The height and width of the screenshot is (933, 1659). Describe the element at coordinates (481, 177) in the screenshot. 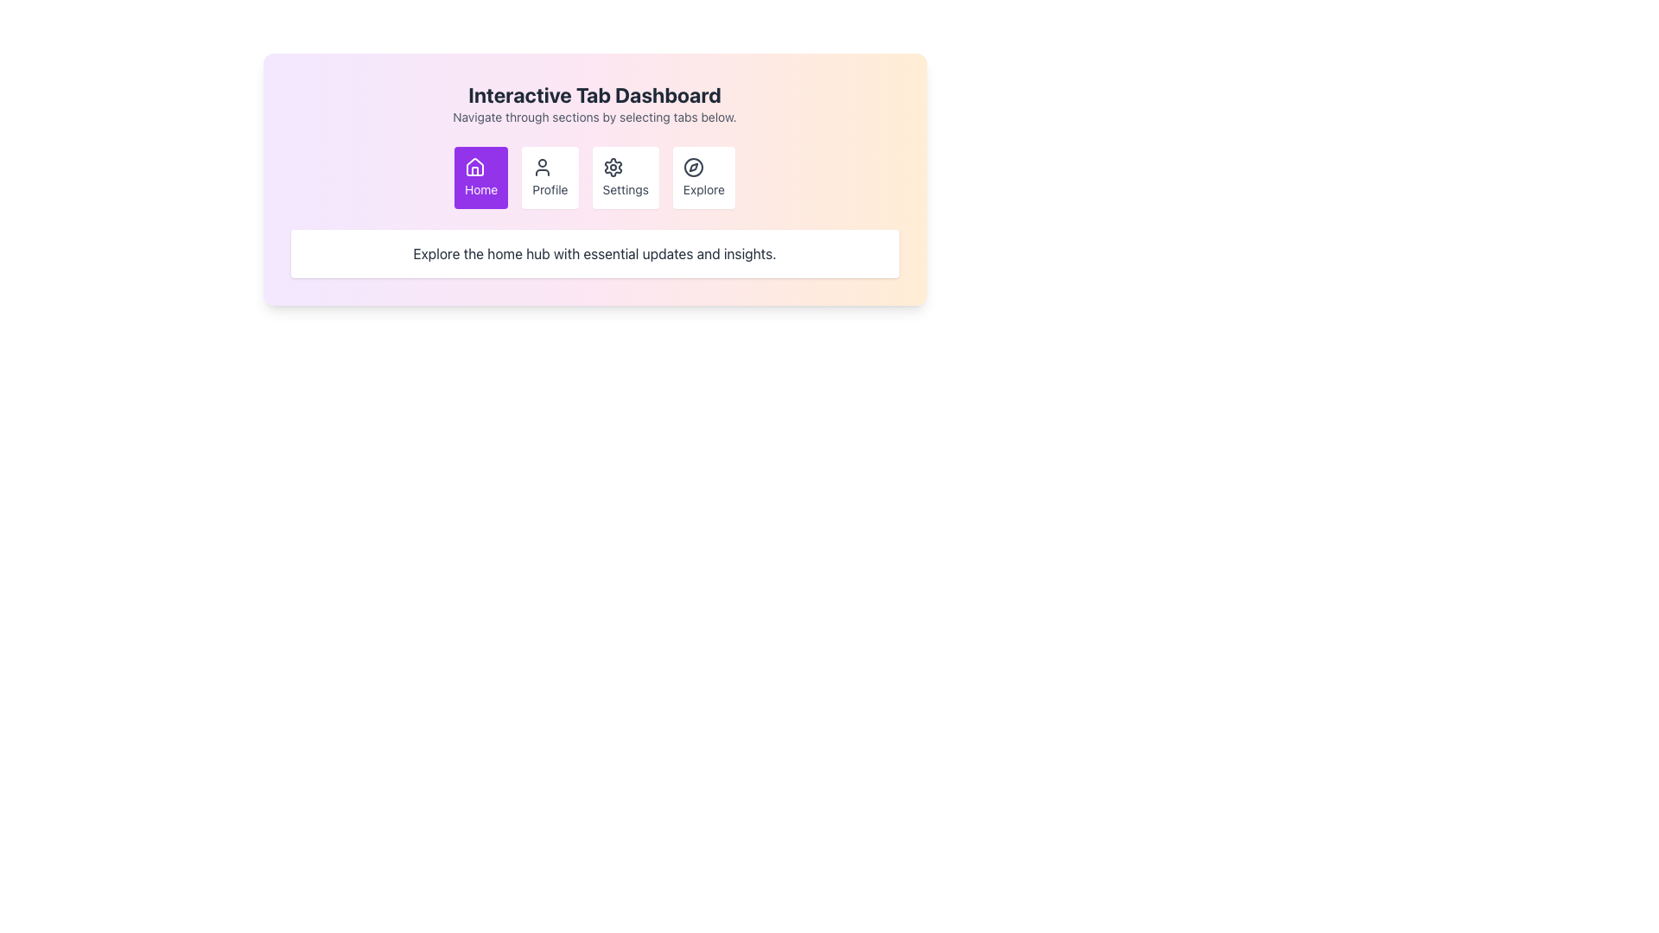

I see `the Home button, which is the first button in the navigation bar, to trigger the scaling effect` at that location.